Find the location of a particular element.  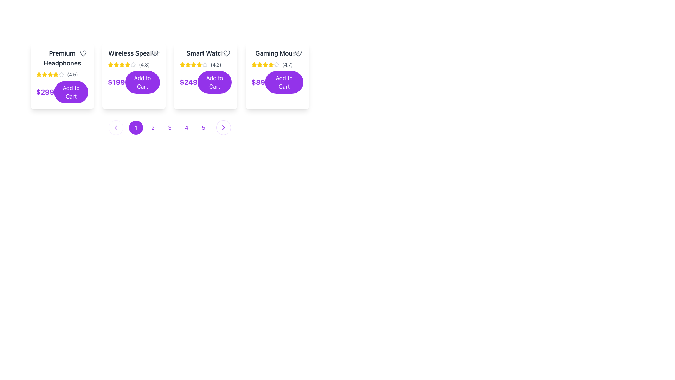

fifth yellow star icon in the rating display of the 'Smart Watch' product card for visual feedback is located at coordinates (199, 65).